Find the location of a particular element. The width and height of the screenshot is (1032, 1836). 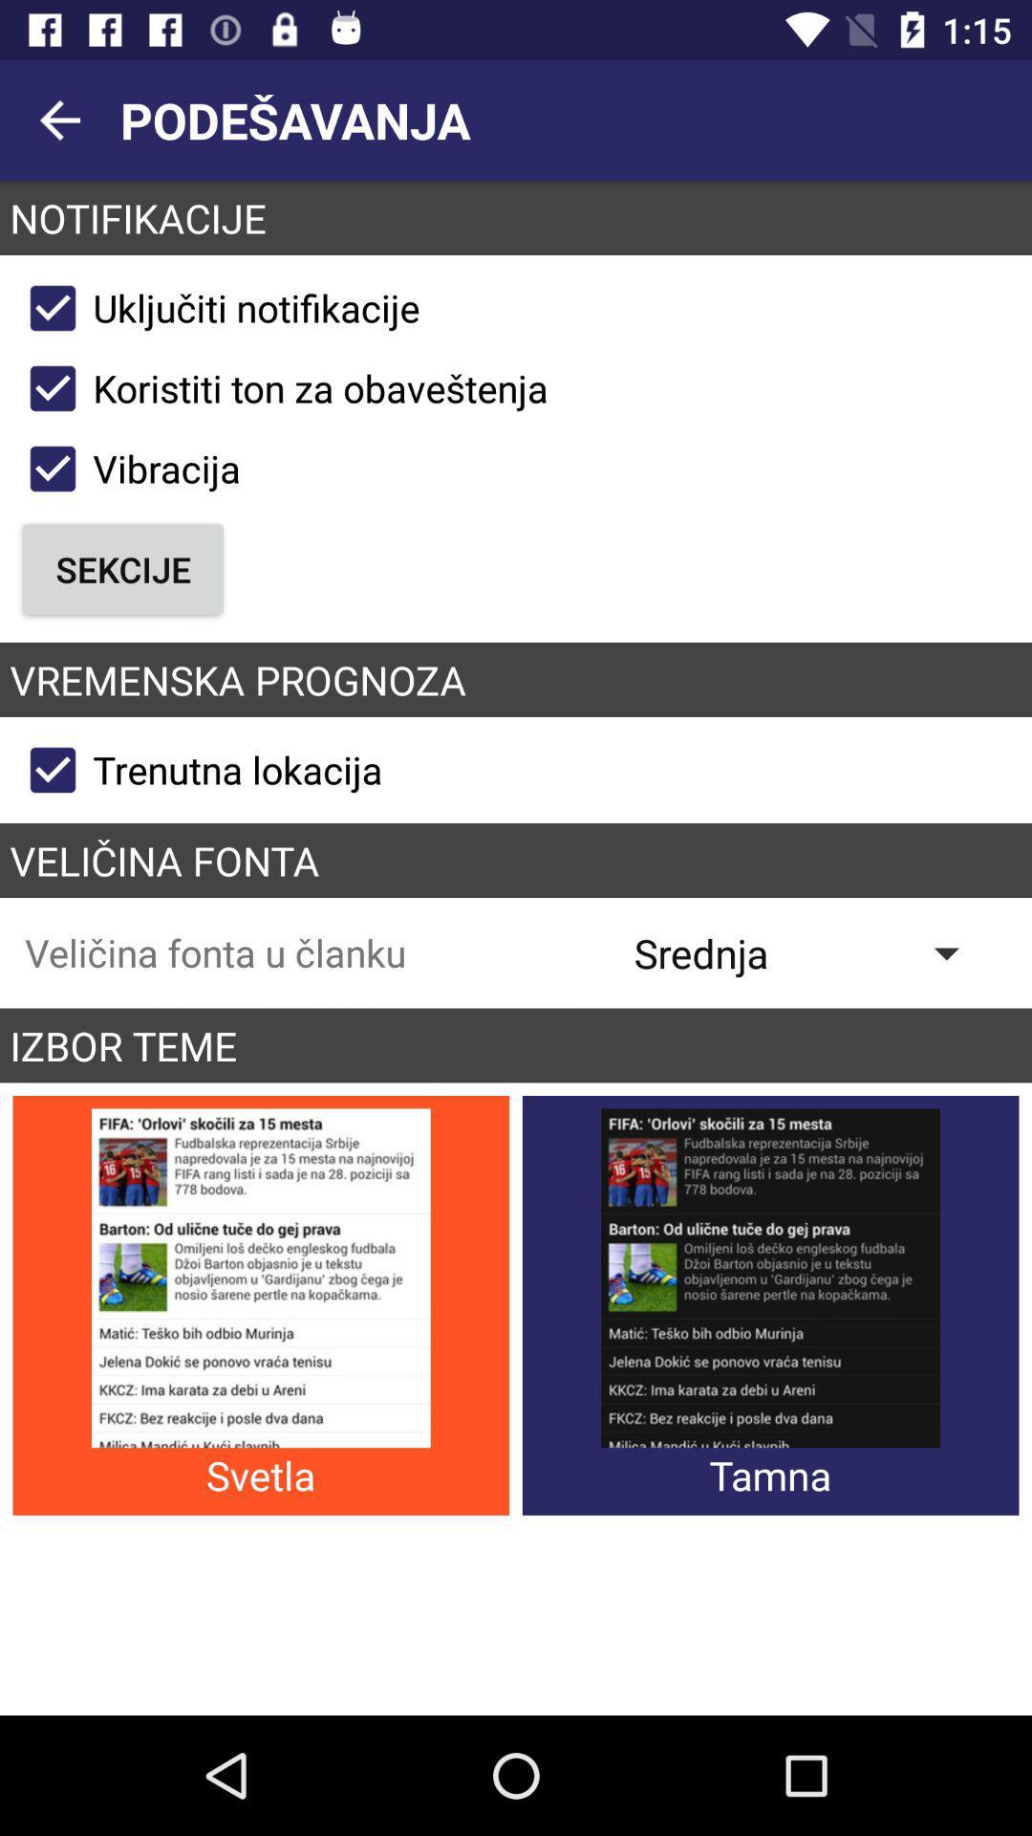

the button above sekcije icon is located at coordinates (126, 469).